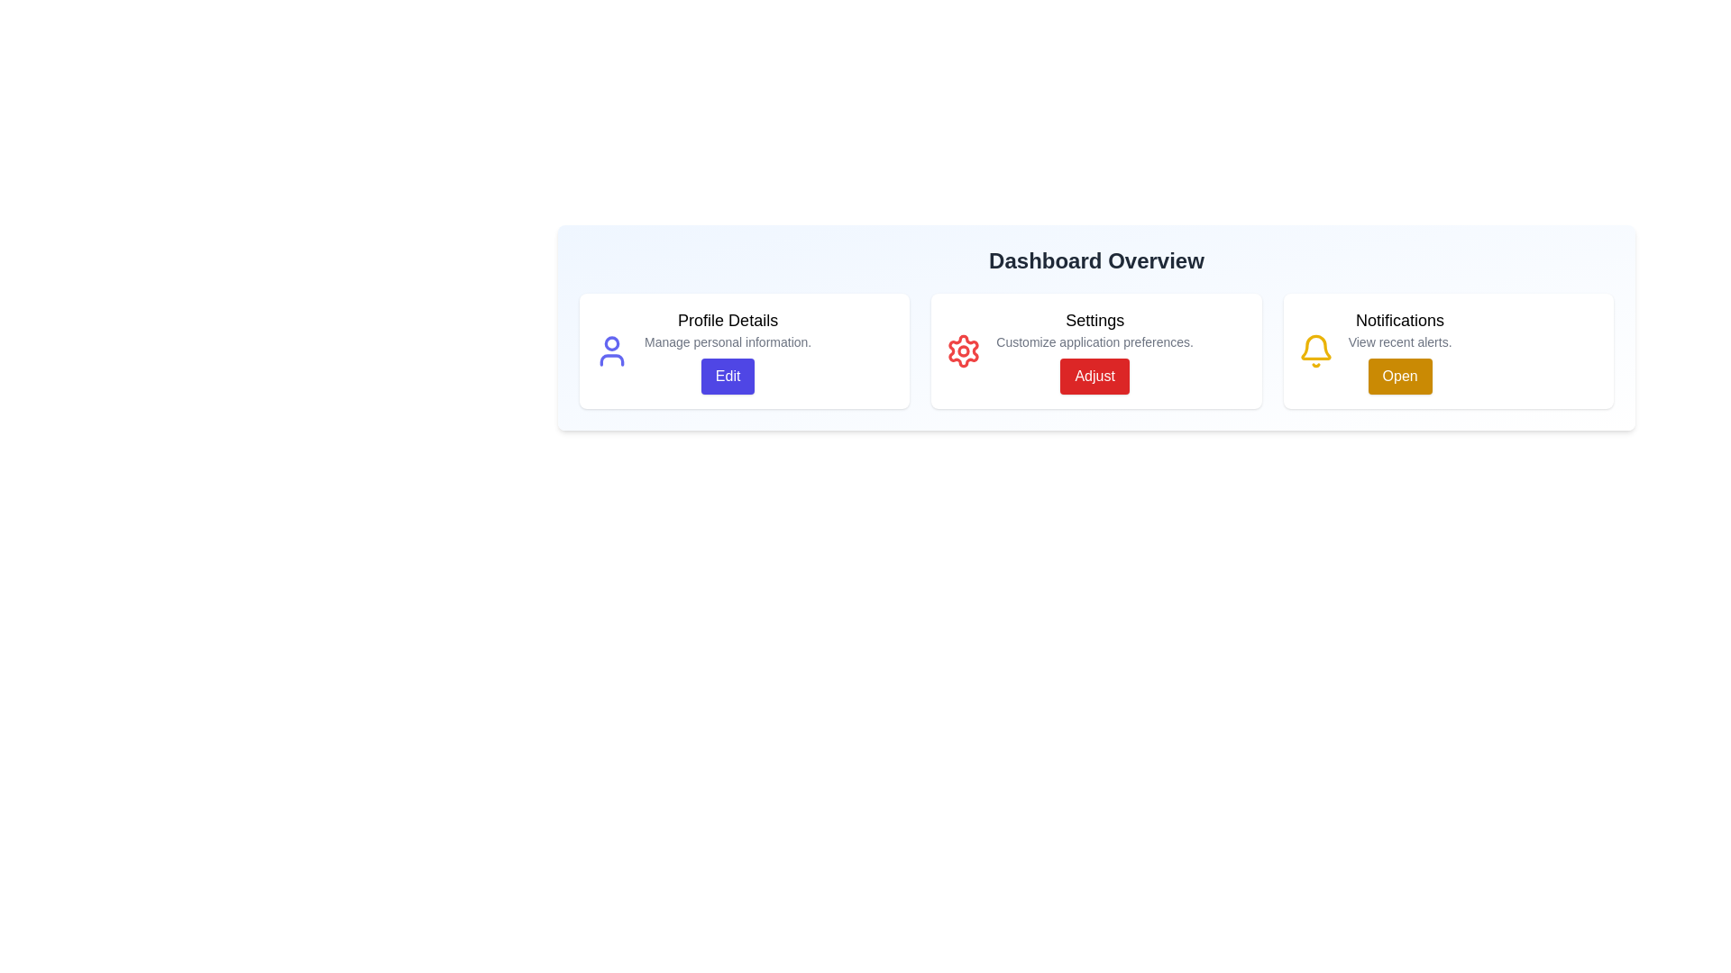 Image resolution: width=1731 pixels, height=973 pixels. What do you see at coordinates (611, 350) in the screenshot?
I see `the user silhouette icon located at the top left of the 'Profile Details' card on the dashboard` at bounding box center [611, 350].